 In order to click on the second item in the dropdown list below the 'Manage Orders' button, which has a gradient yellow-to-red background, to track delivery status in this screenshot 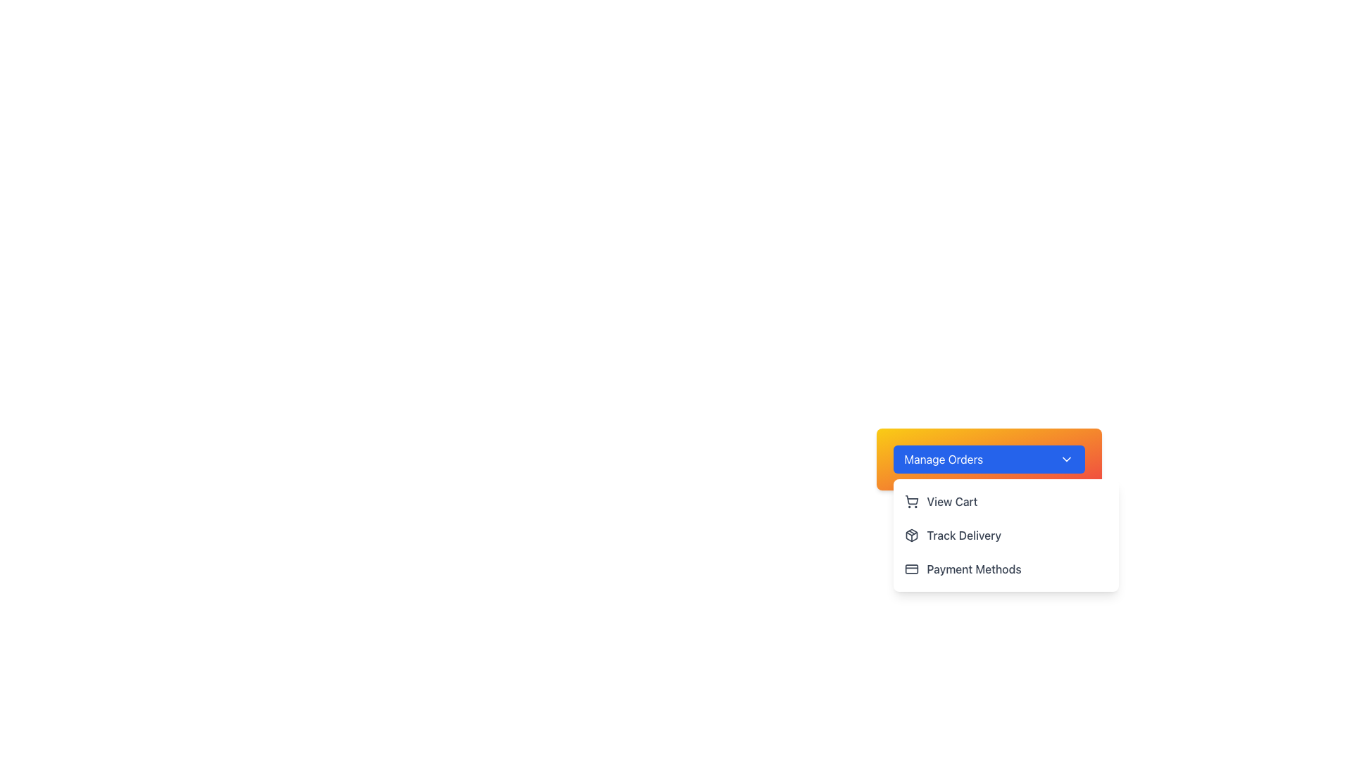, I will do `click(1005, 535)`.